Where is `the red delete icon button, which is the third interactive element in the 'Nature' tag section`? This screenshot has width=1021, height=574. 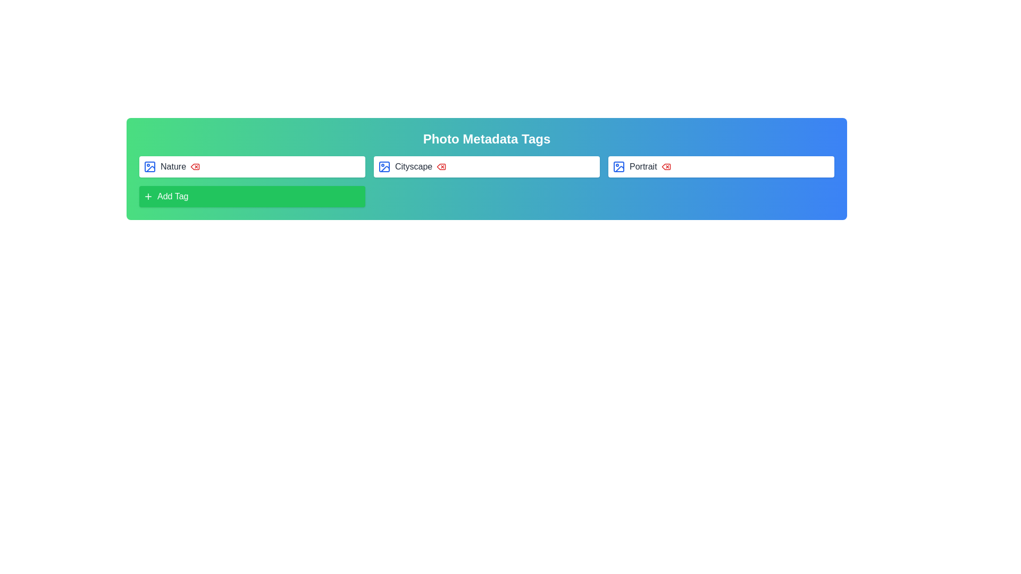 the red delete icon button, which is the third interactive element in the 'Nature' tag section is located at coordinates (195, 166).